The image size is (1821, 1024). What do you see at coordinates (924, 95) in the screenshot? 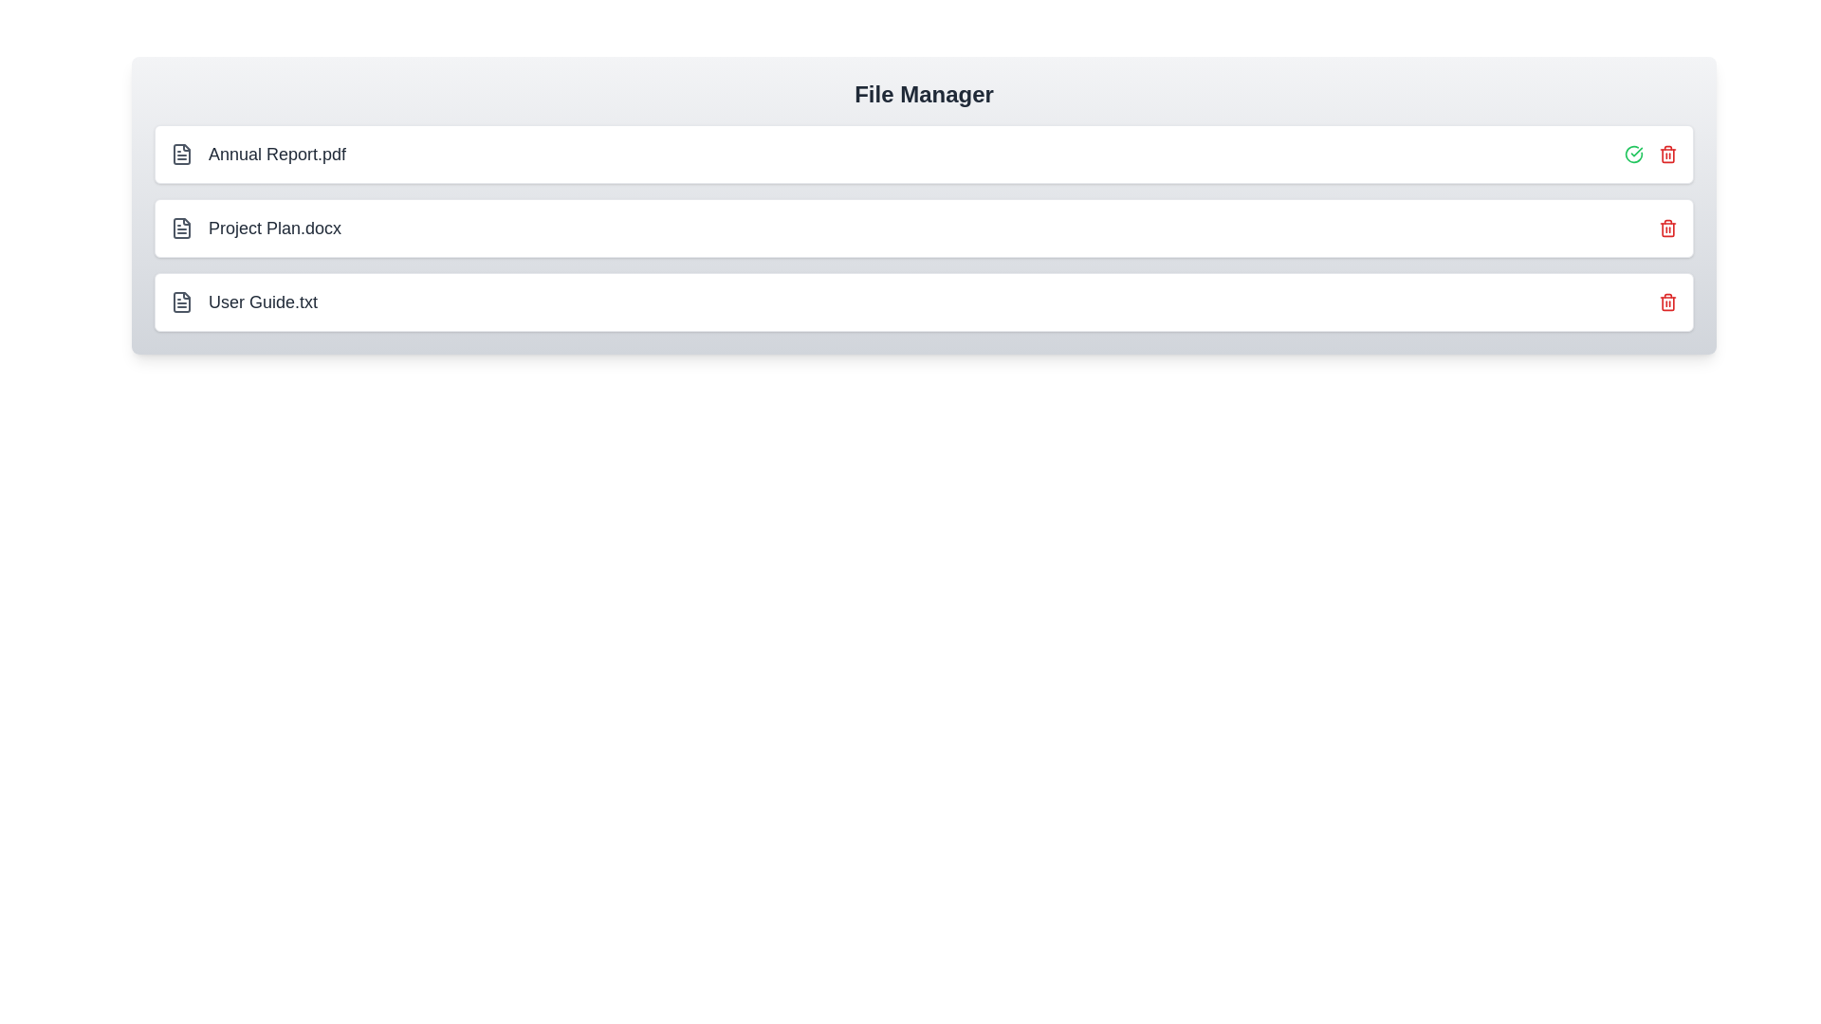
I see `text of the header label located at the top of the file management panel, which describes the panel's functionality` at bounding box center [924, 95].